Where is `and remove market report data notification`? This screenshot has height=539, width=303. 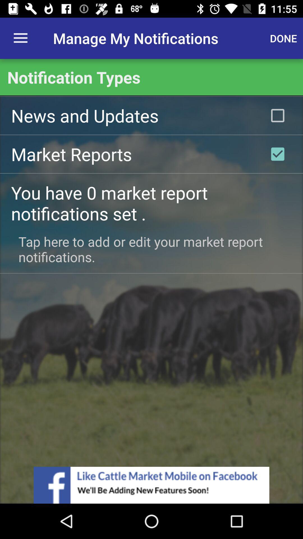
and remove market report data notification is located at coordinates (278, 154).